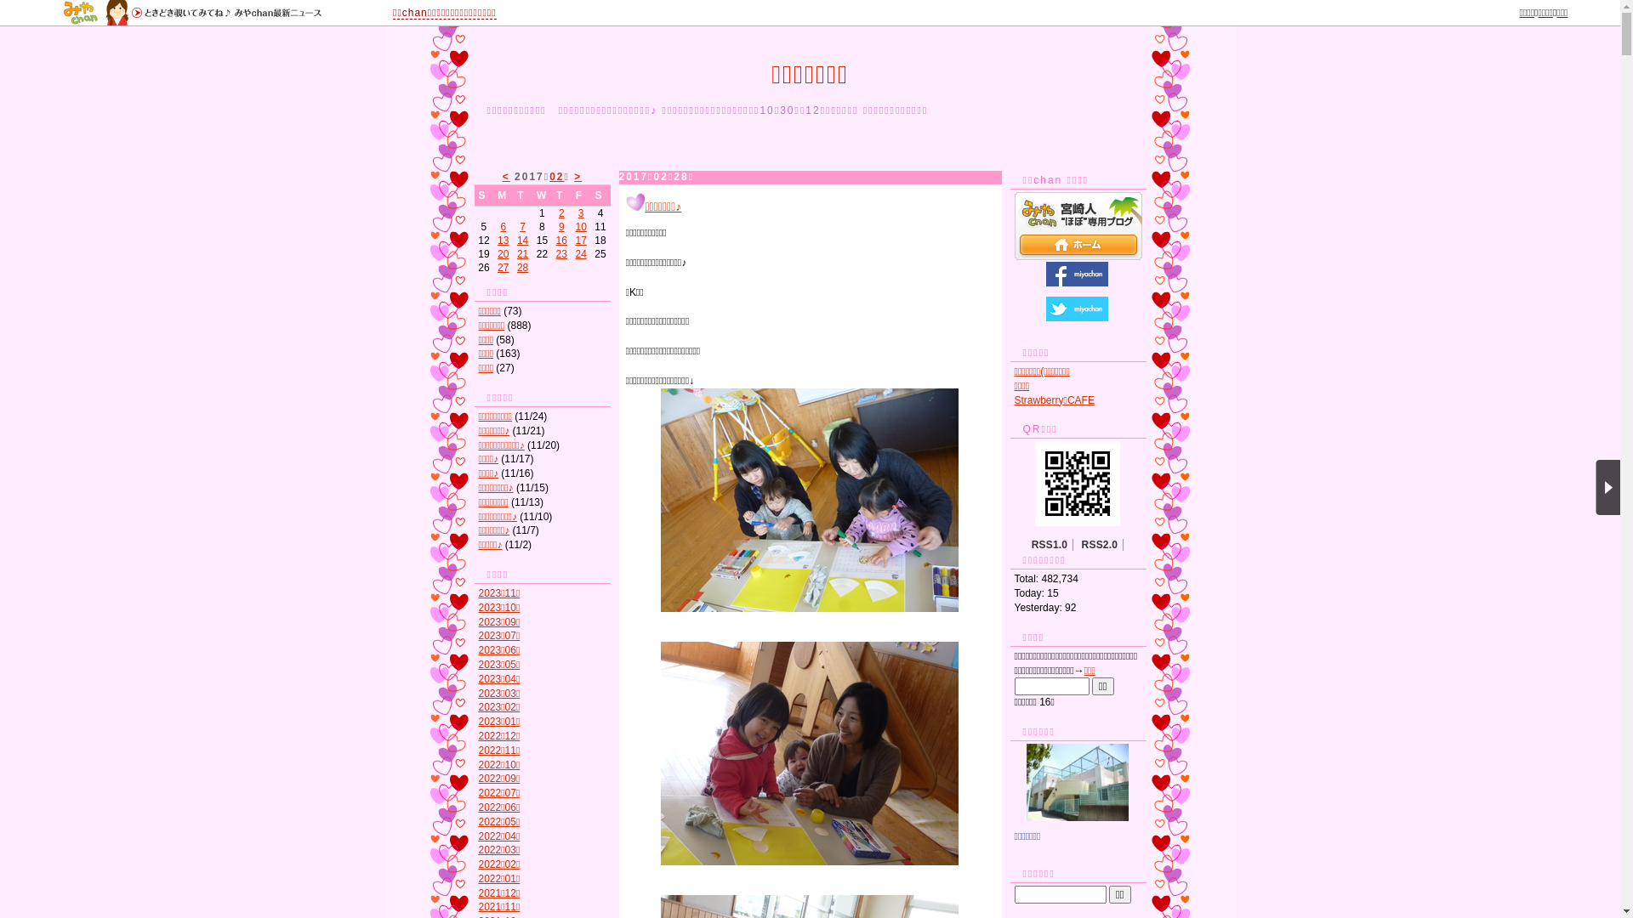  I want to click on '27', so click(497, 268).